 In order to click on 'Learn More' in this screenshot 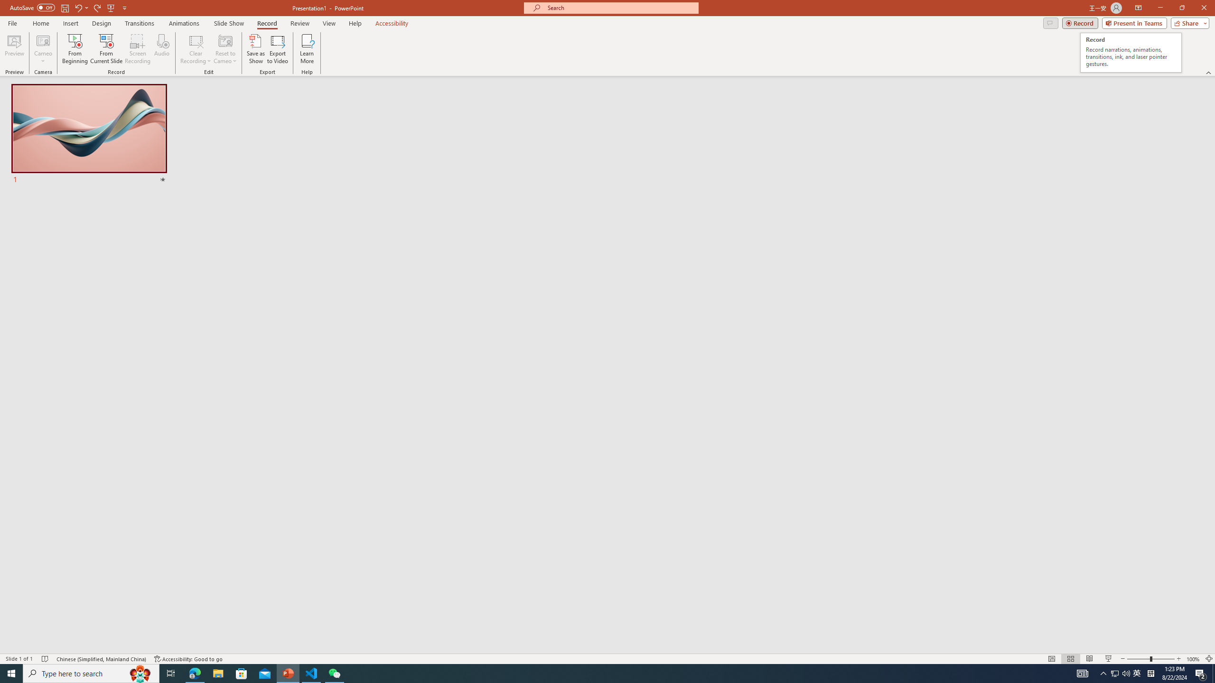, I will do `click(307, 49)`.